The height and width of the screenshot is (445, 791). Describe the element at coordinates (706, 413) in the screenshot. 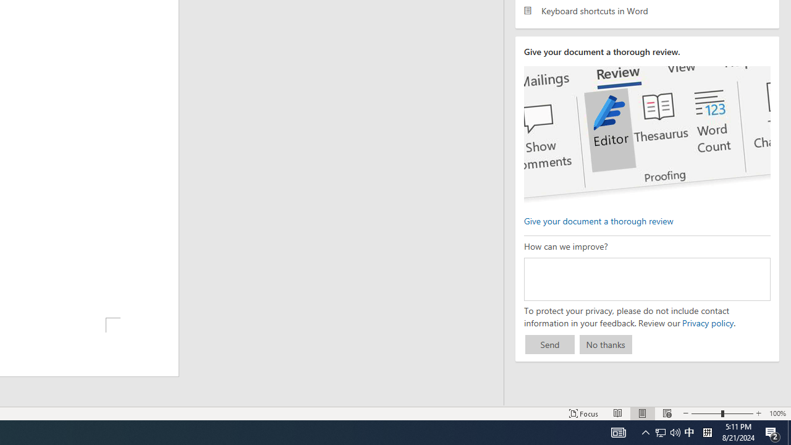

I see `'Zoom Out'` at that location.